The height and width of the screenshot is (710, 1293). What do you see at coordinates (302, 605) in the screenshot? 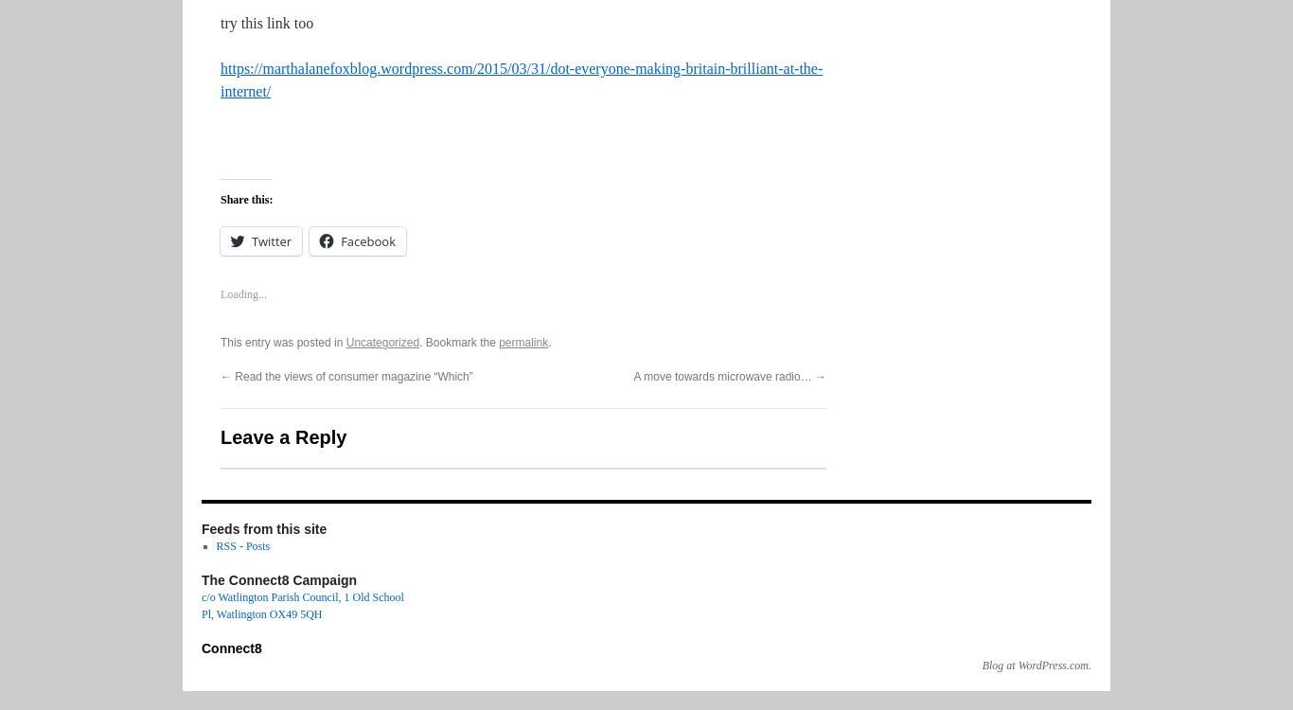
I see `'c/o Watlington Parish Council, 1 Old School Pl, Watlington OX49 5QH'` at bounding box center [302, 605].